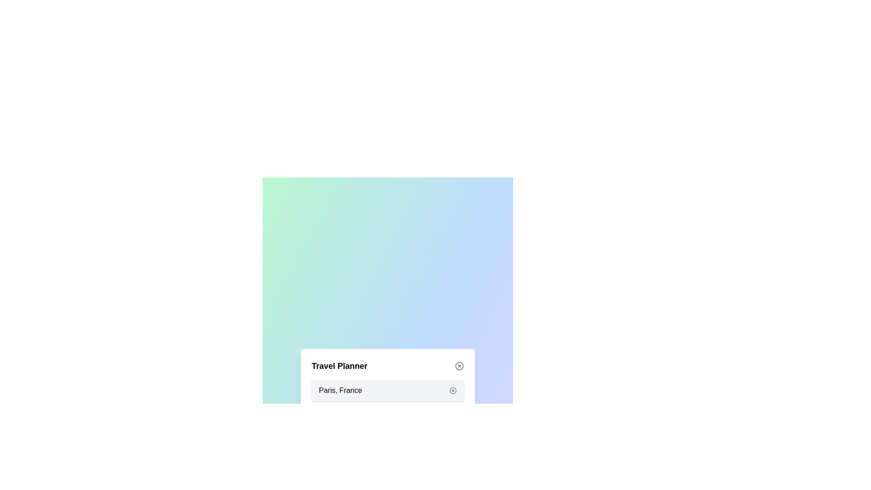 This screenshot has height=490, width=871. Describe the element at coordinates (459, 365) in the screenshot. I see `close button in the top-right corner of the travel planner component` at that location.